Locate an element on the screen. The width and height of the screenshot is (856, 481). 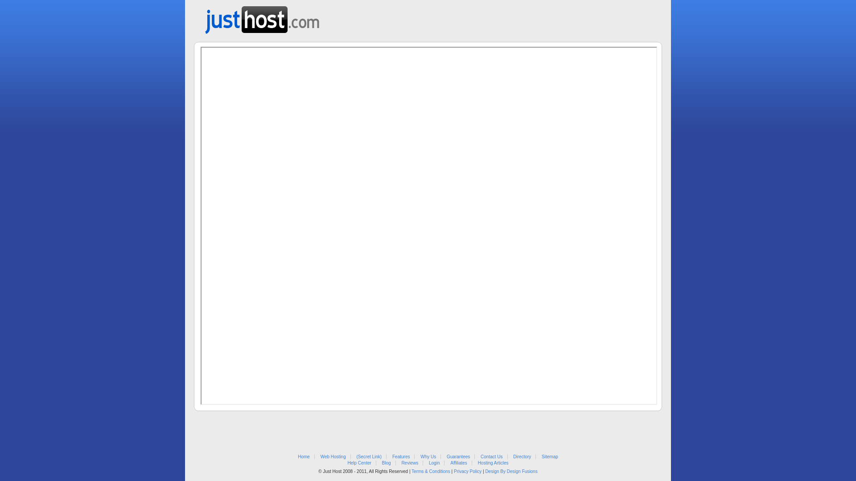
'Design By Design Fusions' is located at coordinates (511, 471).